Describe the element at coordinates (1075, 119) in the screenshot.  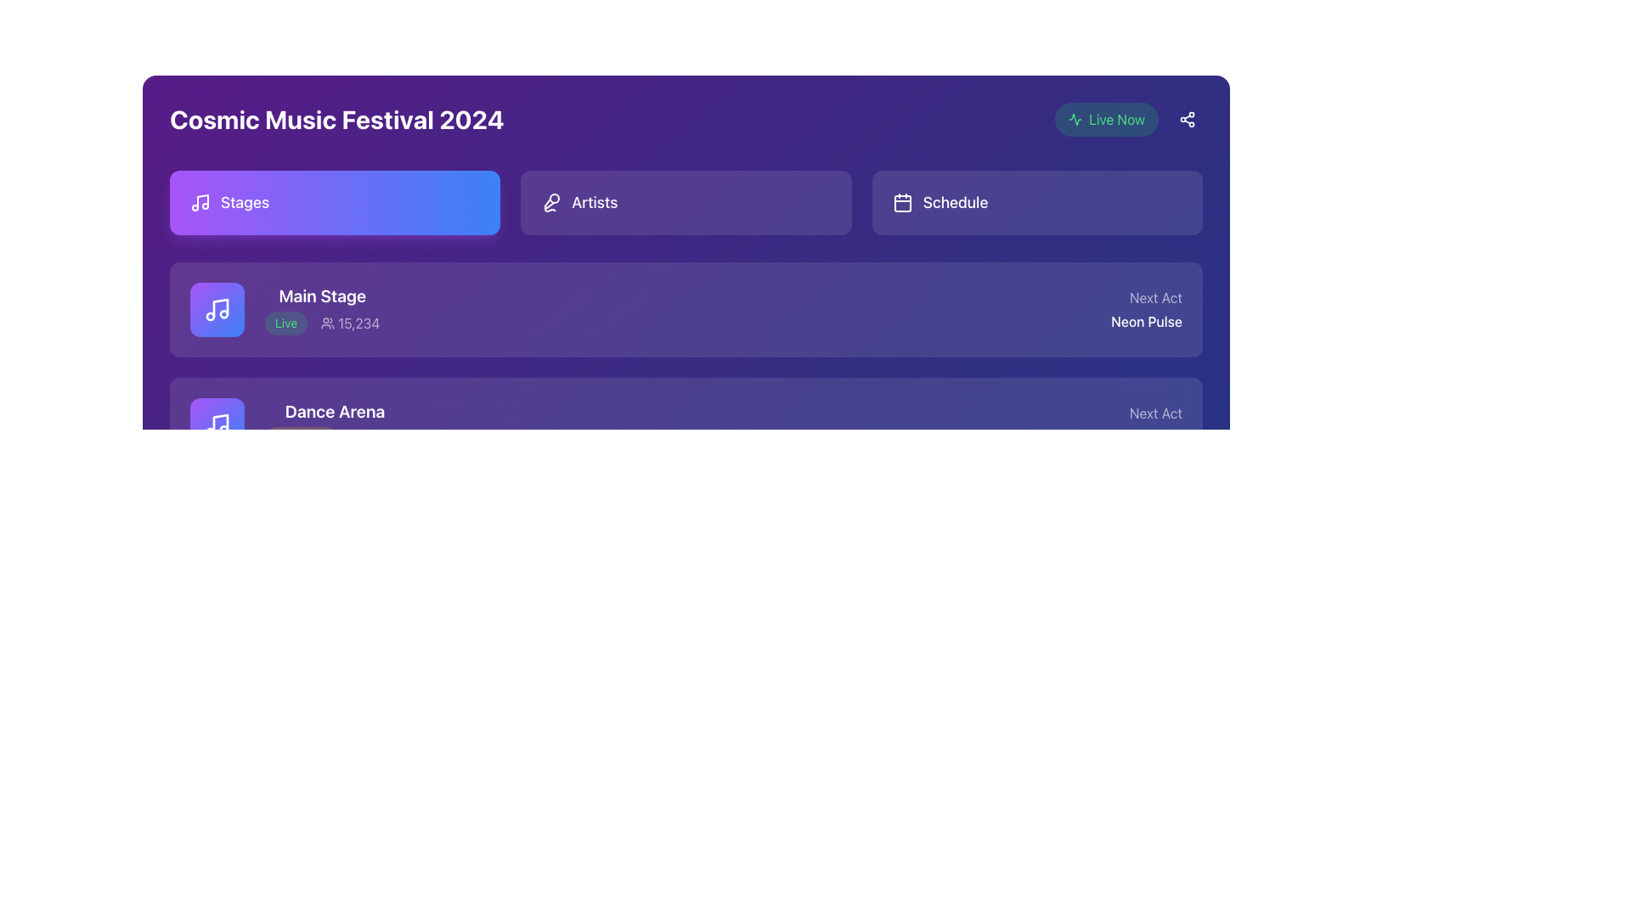
I see `the icon located in the top-right corner of the interface, adjacent to the 'Live Now' green button and above the share icon` at that location.